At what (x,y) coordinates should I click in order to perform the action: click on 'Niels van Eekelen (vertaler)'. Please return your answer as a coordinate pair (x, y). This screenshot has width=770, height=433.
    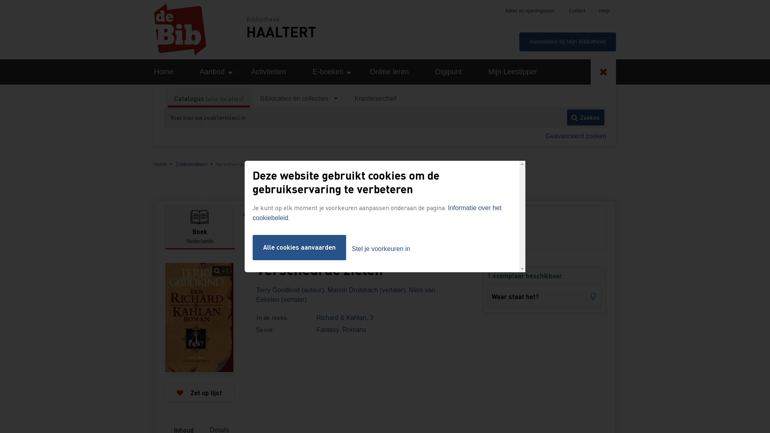
    Looking at the image, I should click on (346, 295).